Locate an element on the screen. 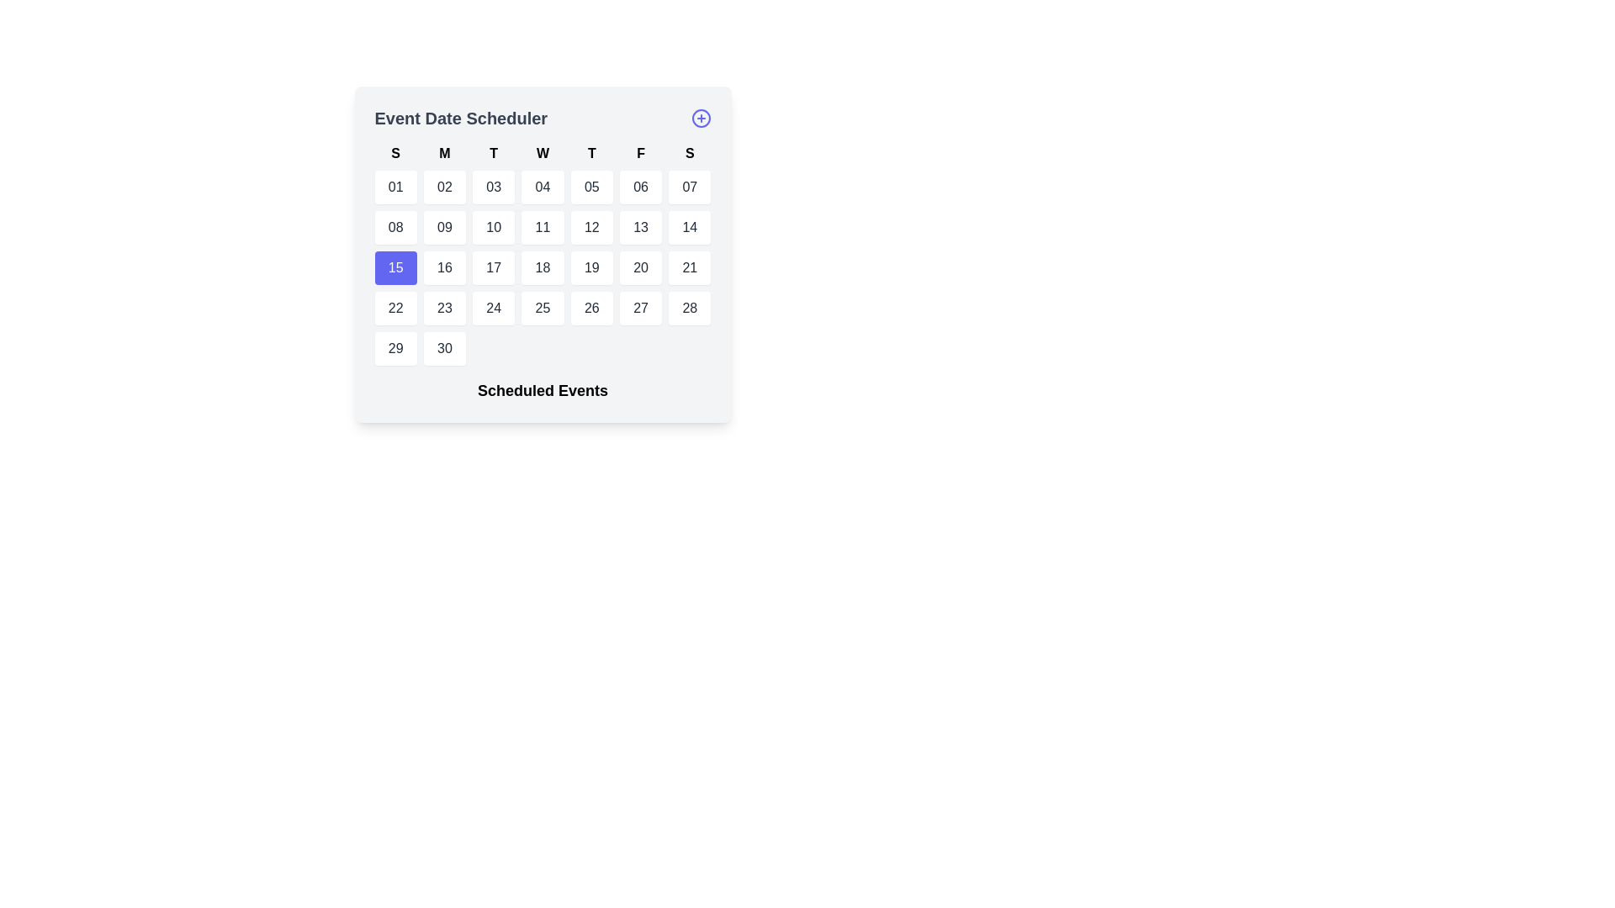  the calendar day entry button labeled '13' located under the weekday header 'F' in the third row and sixth column of the calendar widget is located at coordinates (640, 227).